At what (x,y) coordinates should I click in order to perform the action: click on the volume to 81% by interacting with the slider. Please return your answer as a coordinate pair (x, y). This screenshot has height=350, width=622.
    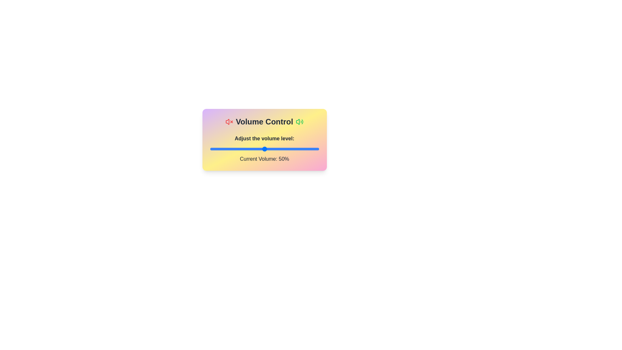
    Looking at the image, I should click on (298, 149).